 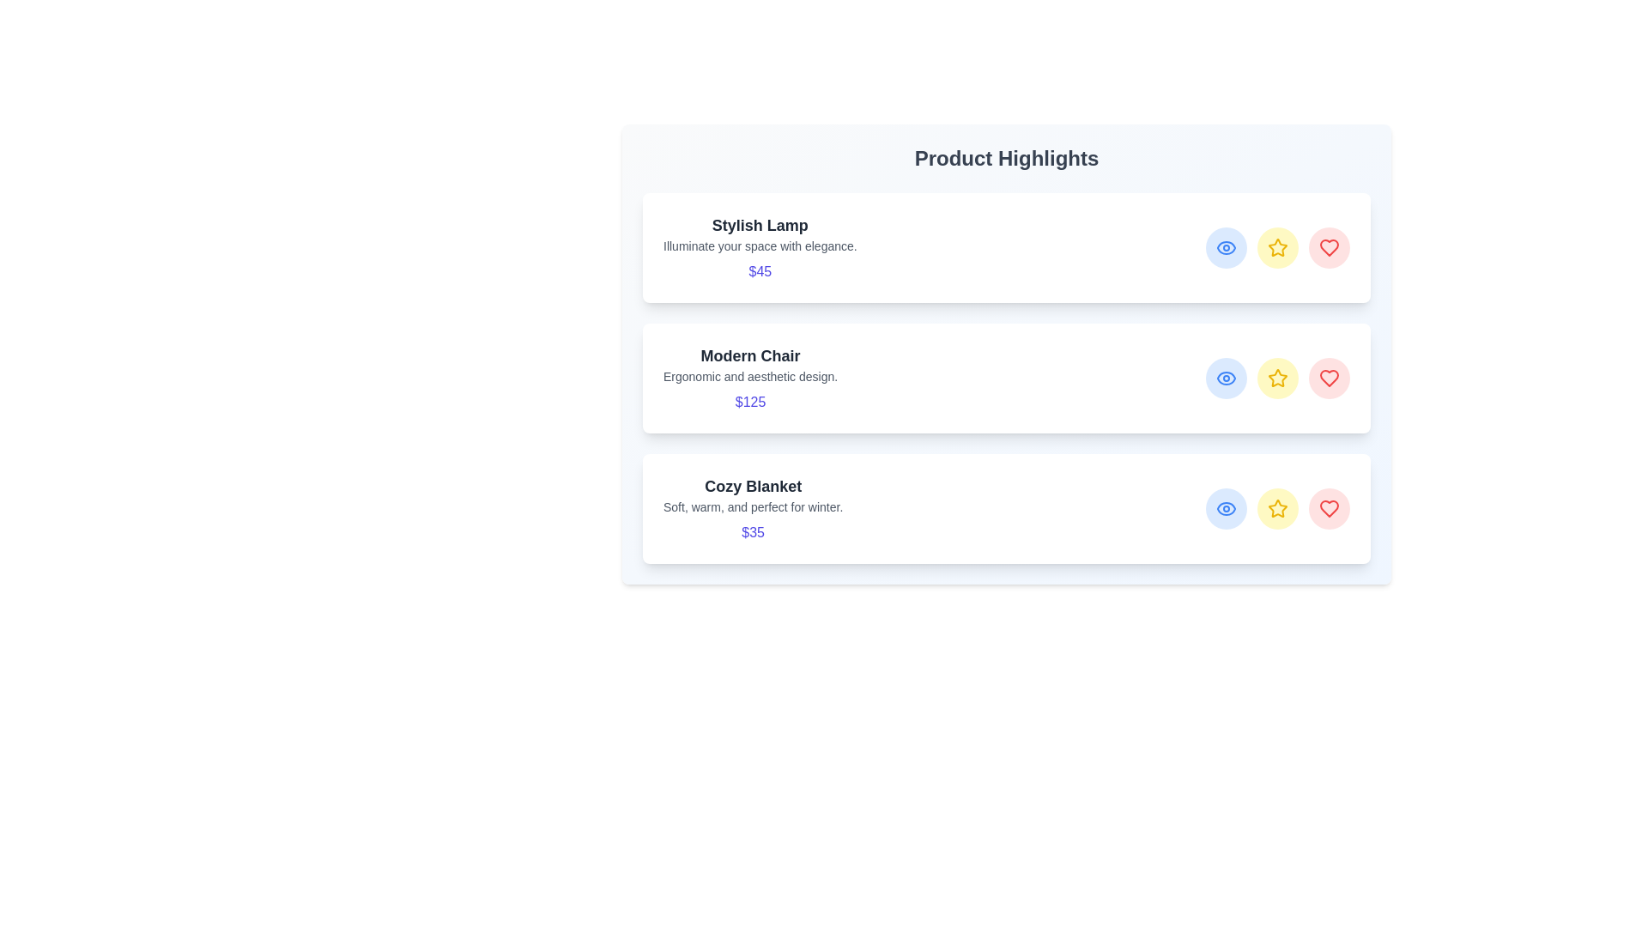 I want to click on the product Stylish Lamp to view its hover effects, so click(x=1006, y=248).